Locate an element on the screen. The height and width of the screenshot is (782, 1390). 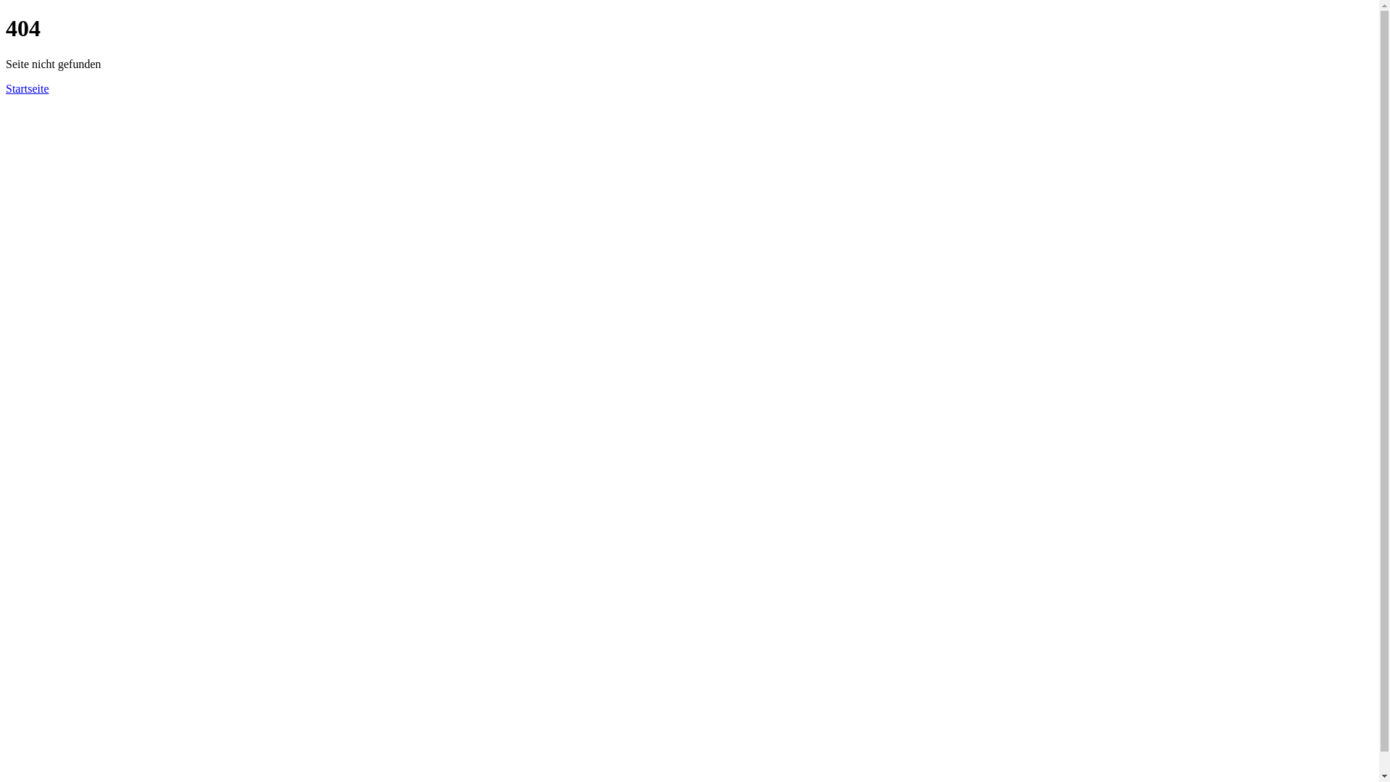
'Startseite' is located at coordinates (28, 88).